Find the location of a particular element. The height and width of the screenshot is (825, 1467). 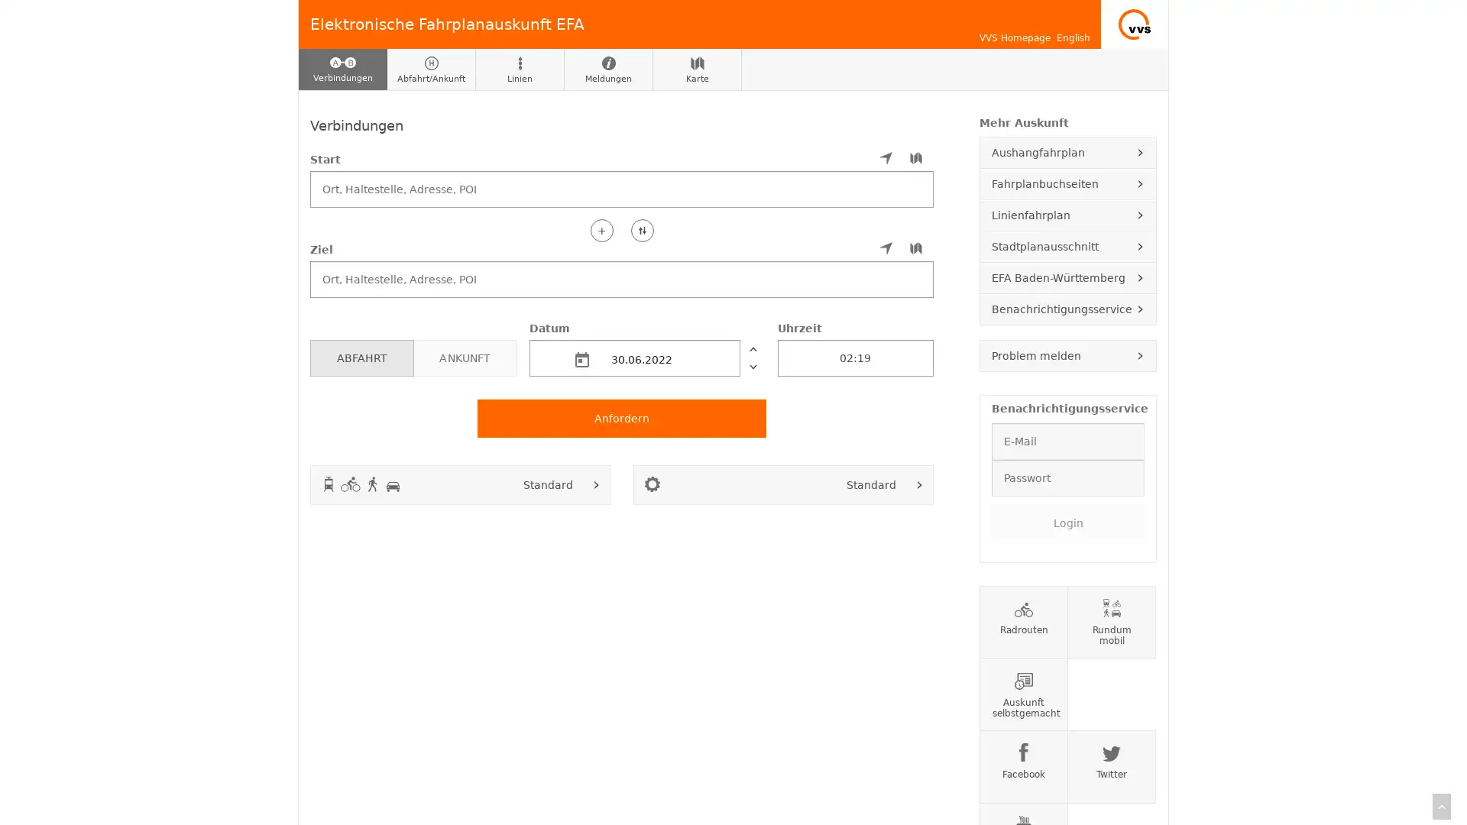

Login is located at coordinates (1067, 521).